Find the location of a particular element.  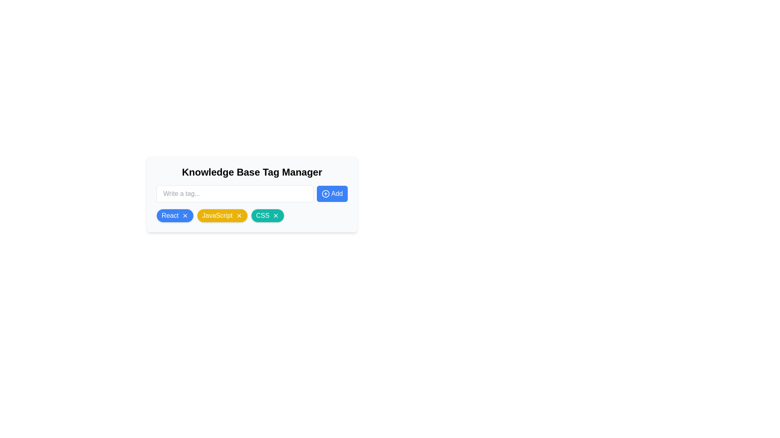

the 'Add' text label within the blue button, which is displayed in white font on a blue rectangular background, located in the lower-right quadrant of the interface is located at coordinates (337, 194).